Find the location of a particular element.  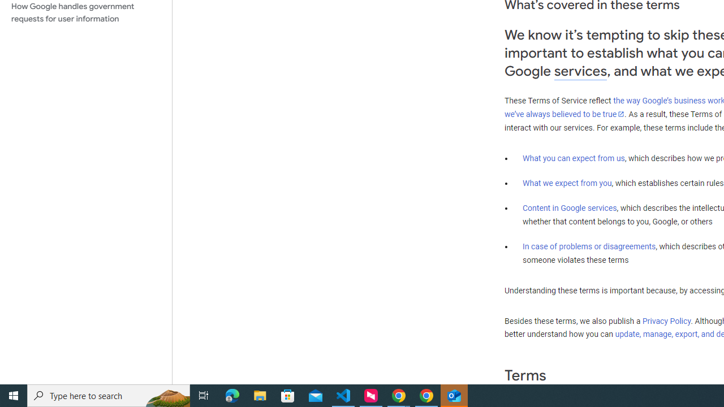

'What you can expect from us' is located at coordinates (574, 158).